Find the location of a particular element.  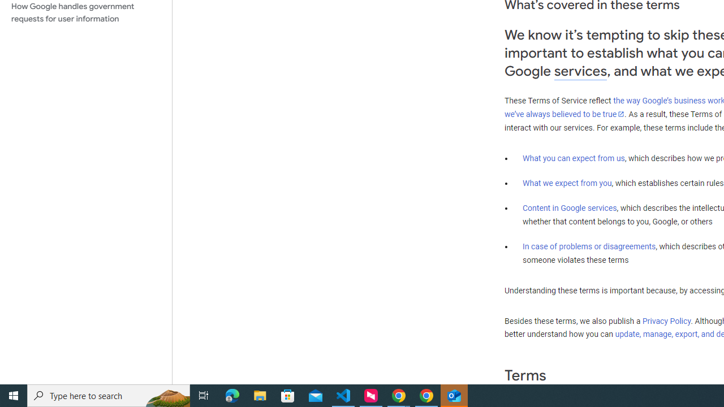

'What you can expect from us' is located at coordinates (574, 158).